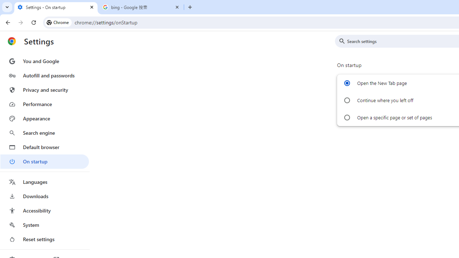 The image size is (459, 258). What do you see at coordinates (44, 162) in the screenshot?
I see `'On startup'` at bounding box center [44, 162].